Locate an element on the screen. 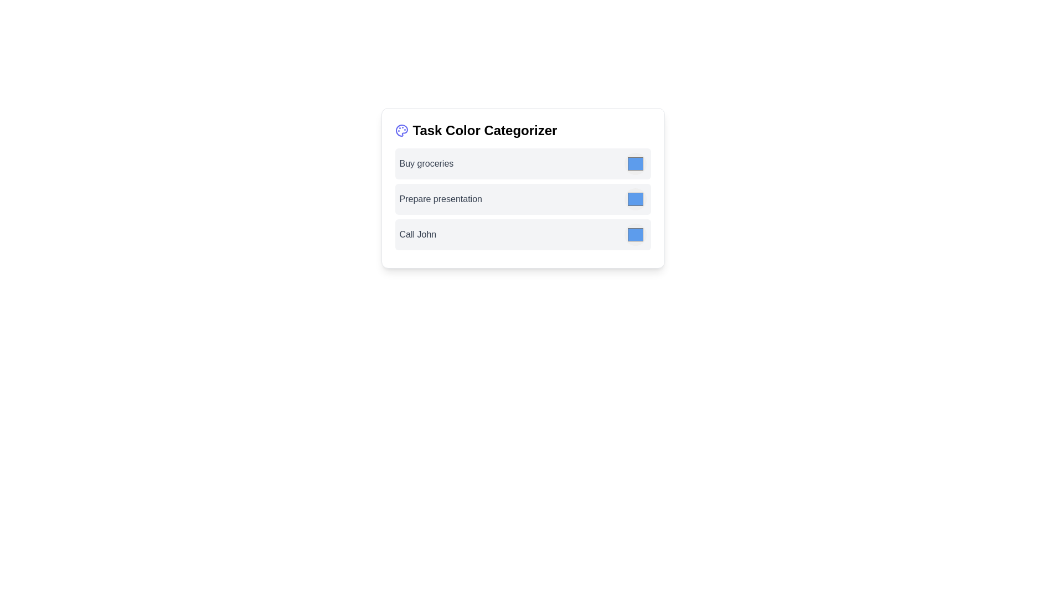  the interactive color indicator button located at the far right of the 'Prepare presentation' task row in the task list is located at coordinates (635, 198).